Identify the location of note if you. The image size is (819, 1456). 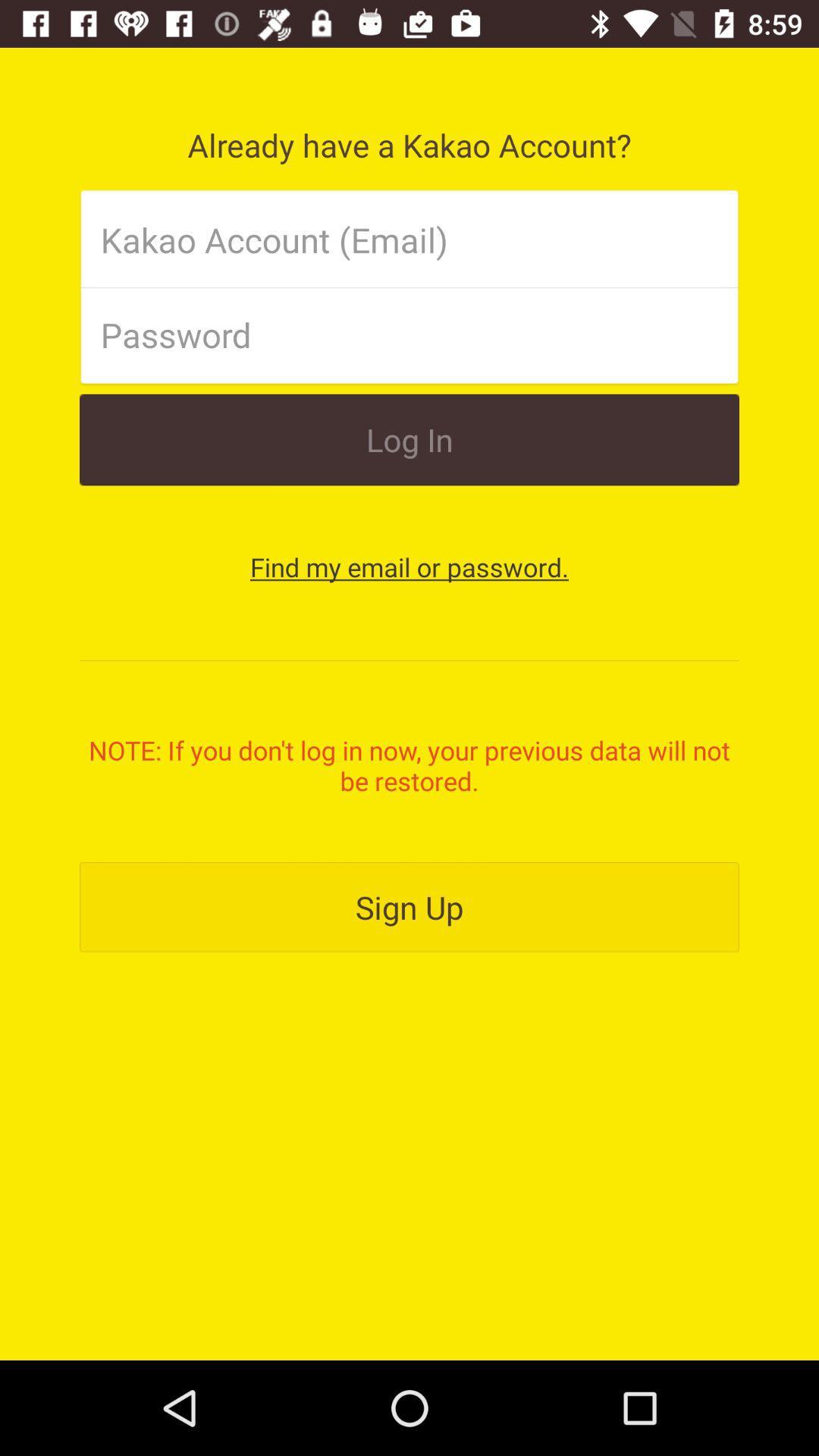
(409, 765).